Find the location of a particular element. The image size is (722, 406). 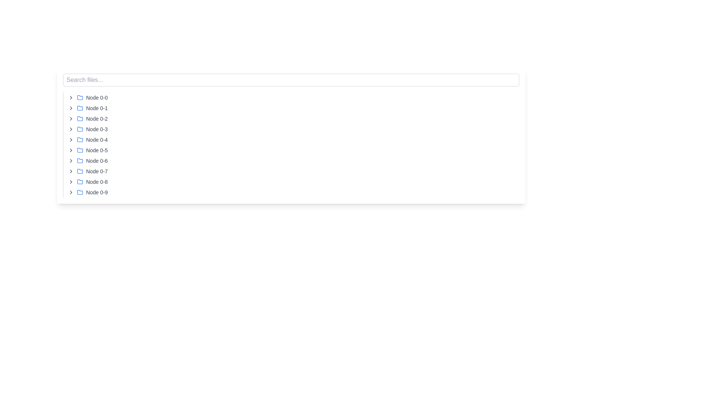

the chevron-right icon is located at coordinates (71, 118).